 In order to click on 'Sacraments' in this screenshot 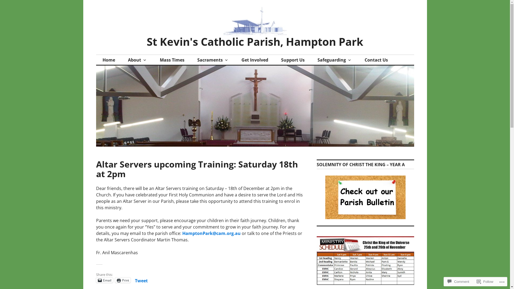, I will do `click(212, 60)`.